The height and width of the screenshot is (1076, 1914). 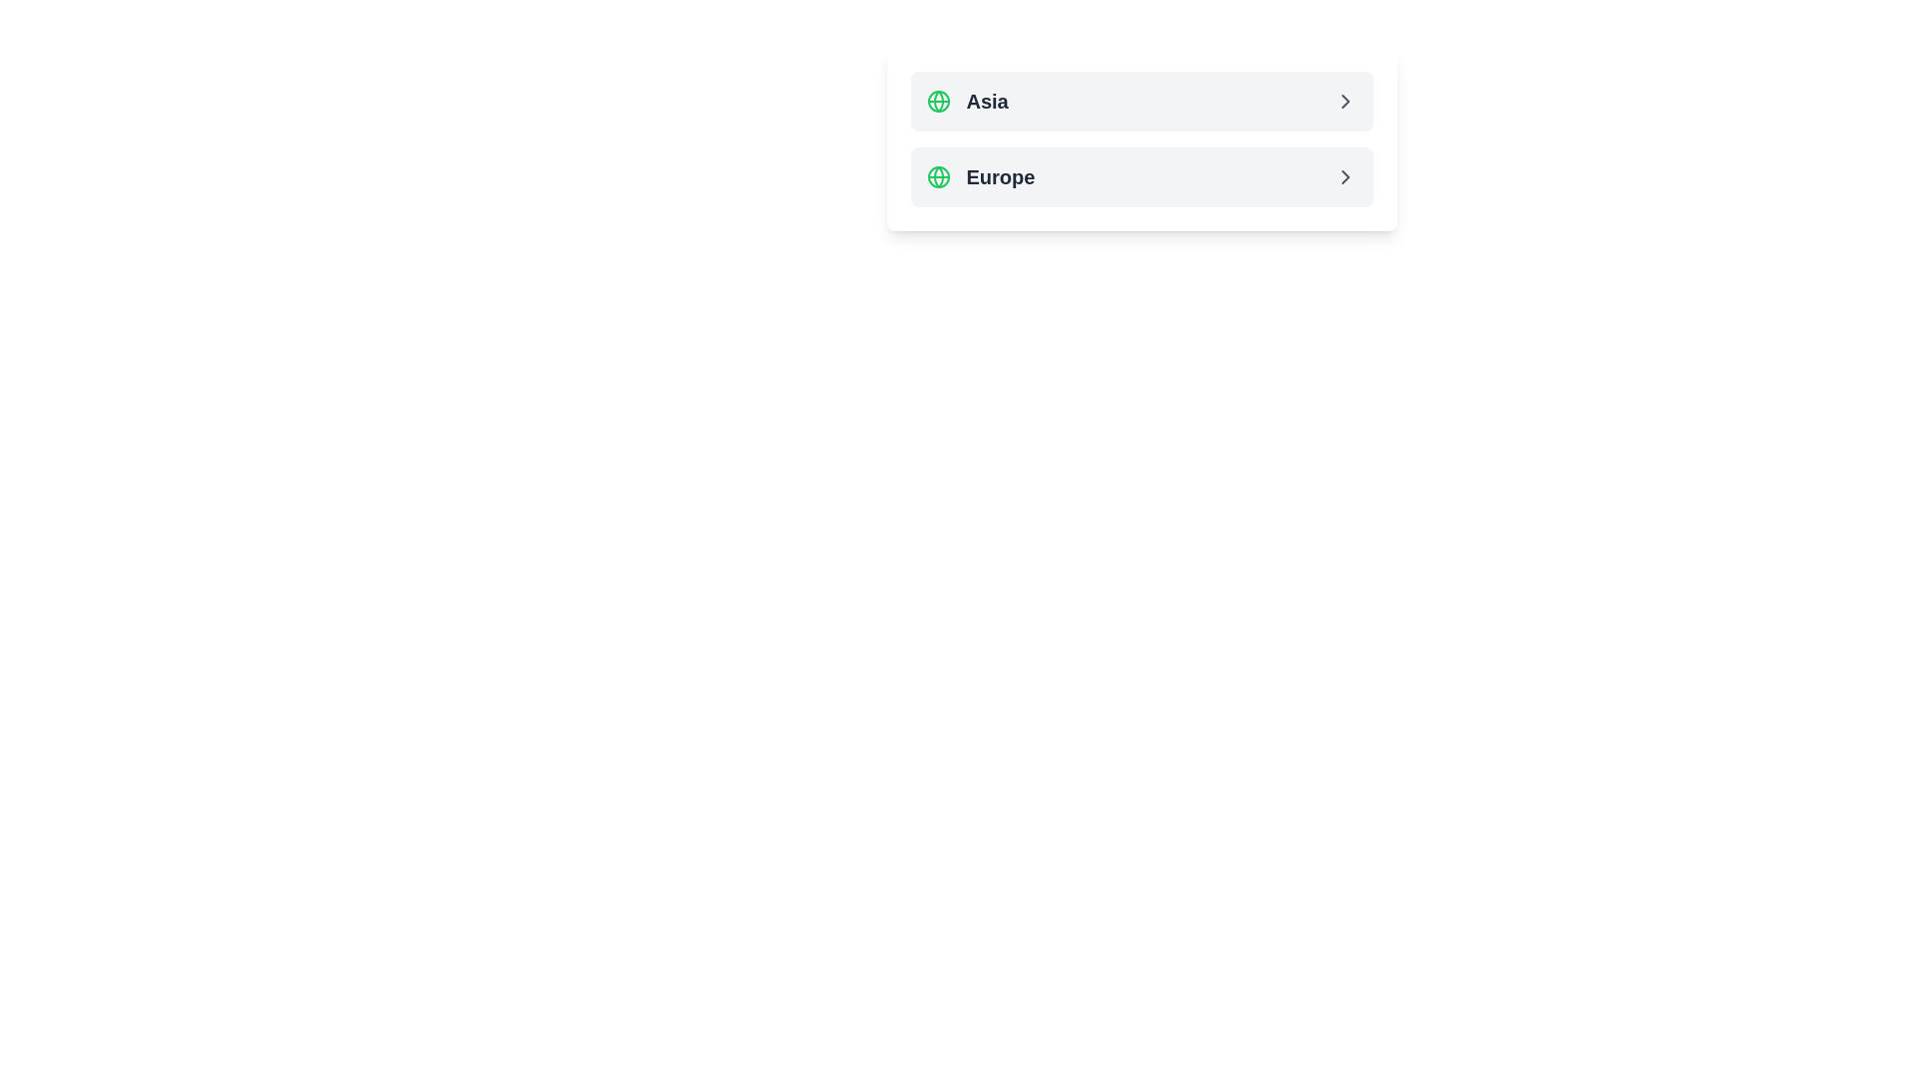 What do you see at coordinates (1141, 175) in the screenshot?
I see `the 'Europe' selection button located below the 'Asia' button to trigger hover effects` at bounding box center [1141, 175].